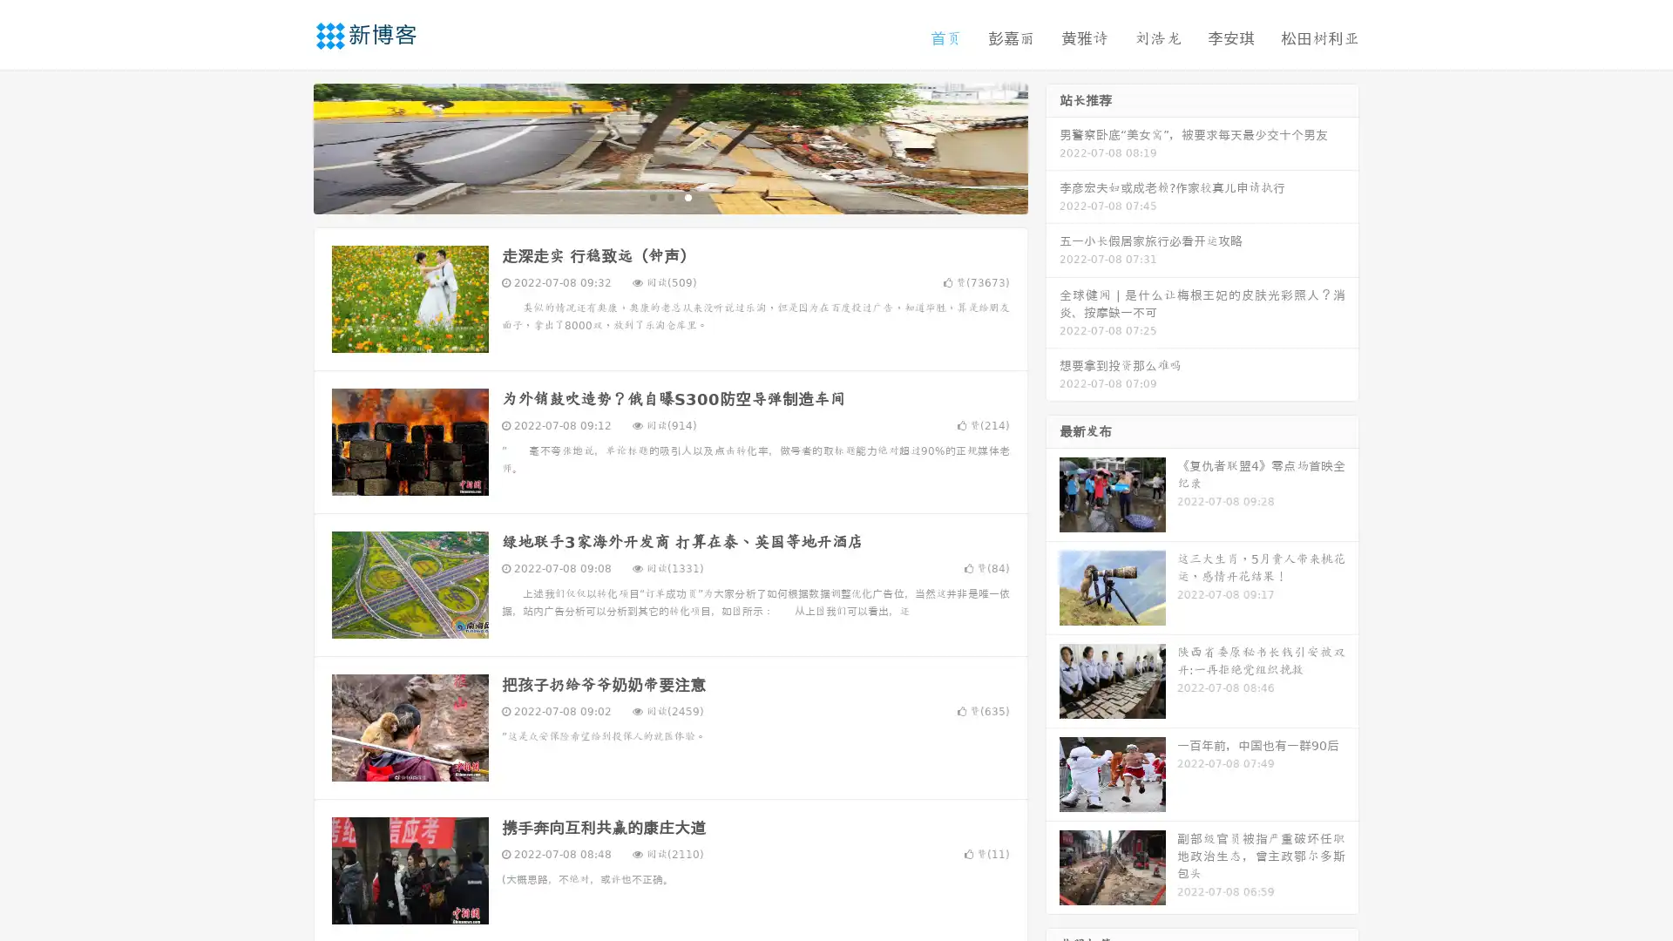 The image size is (1673, 941). What do you see at coordinates (687, 196) in the screenshot?
I see `Go to slide 3` at bounding box center [687, 196].